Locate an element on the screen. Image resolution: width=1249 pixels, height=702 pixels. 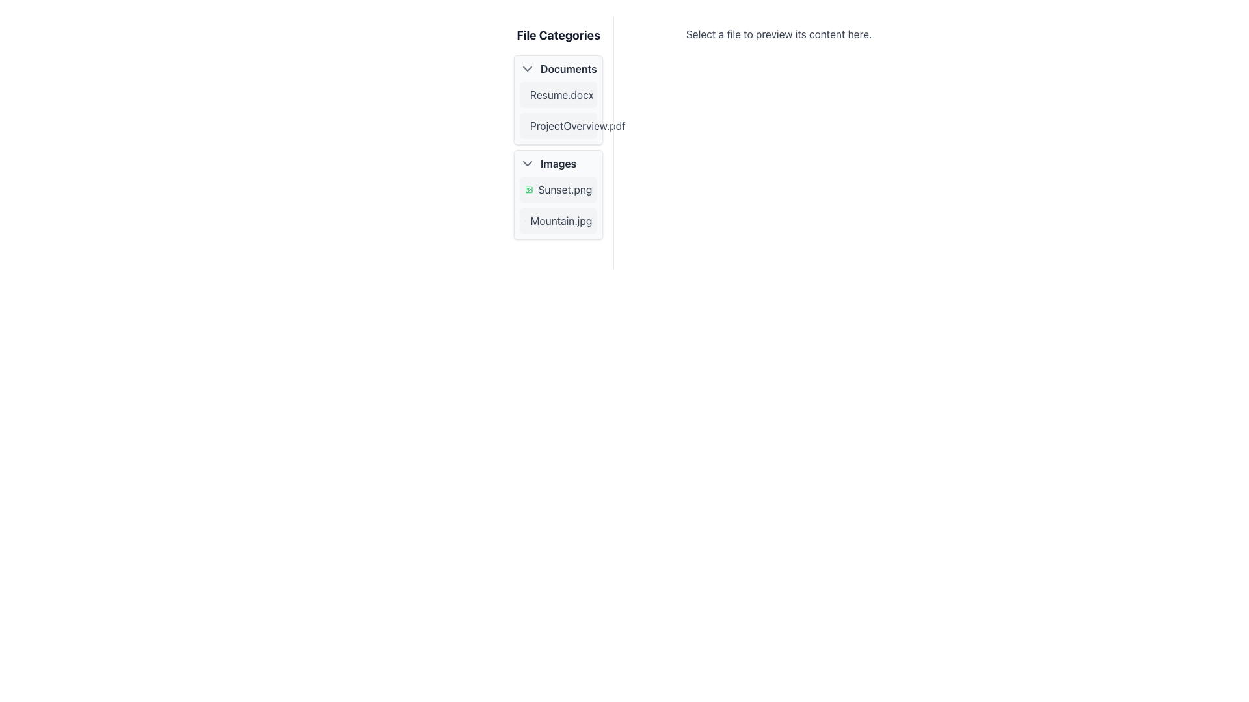
the list item 'ProjectOverview.pdf' is located at coordinates (558, 125).